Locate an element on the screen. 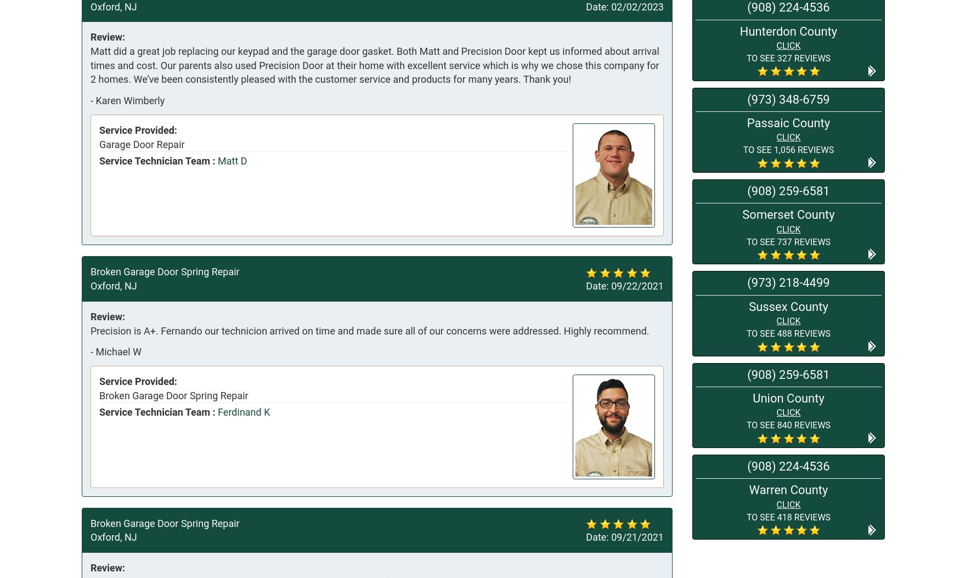  'to see 488 reviews' is located at coordinates (746, 332).